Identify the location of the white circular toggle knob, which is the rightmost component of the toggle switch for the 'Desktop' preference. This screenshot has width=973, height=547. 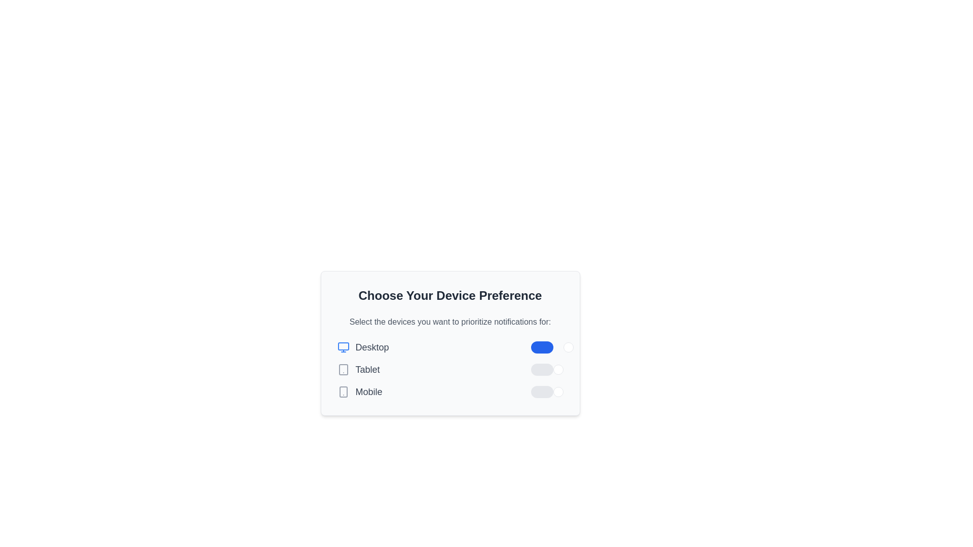
(568, 347).